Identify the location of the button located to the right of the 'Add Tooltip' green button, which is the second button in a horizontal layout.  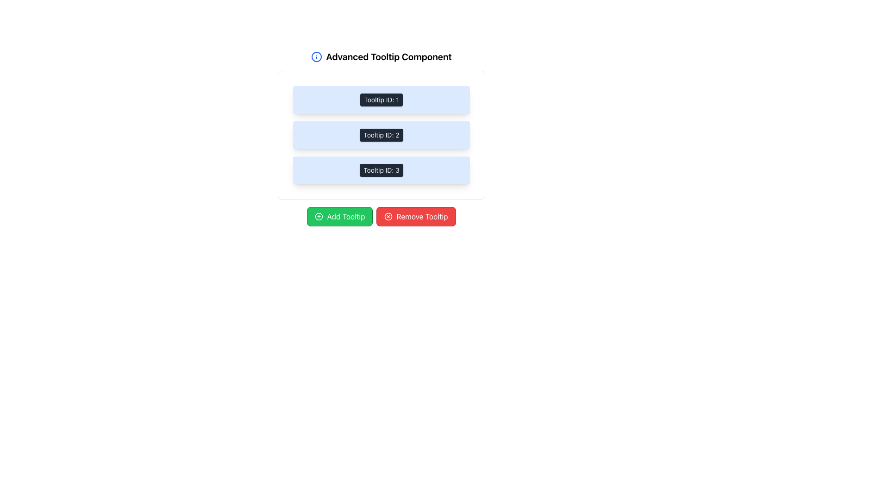
(415, 216).